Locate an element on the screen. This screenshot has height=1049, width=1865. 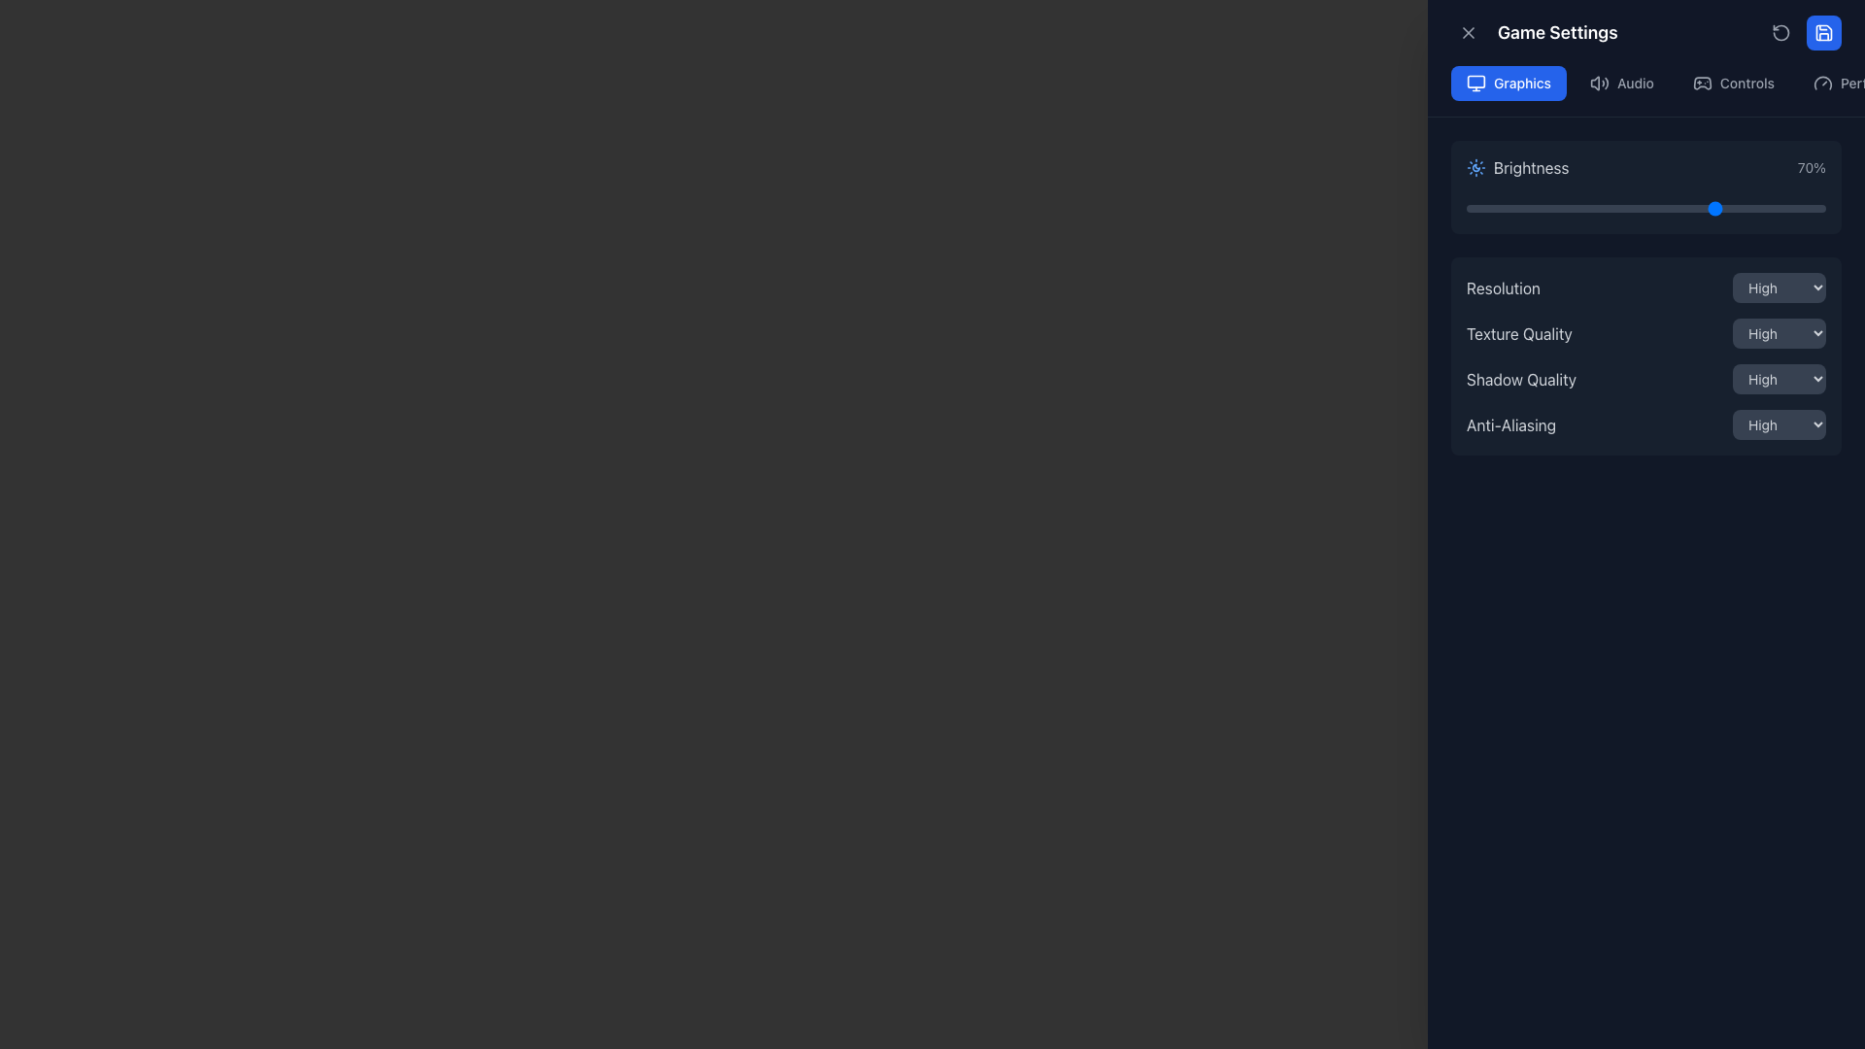
the button labeled 'Graphics' which contains the SVG-based icon for navigating to the Graphics settings section is located at coordinates (1476, 82).